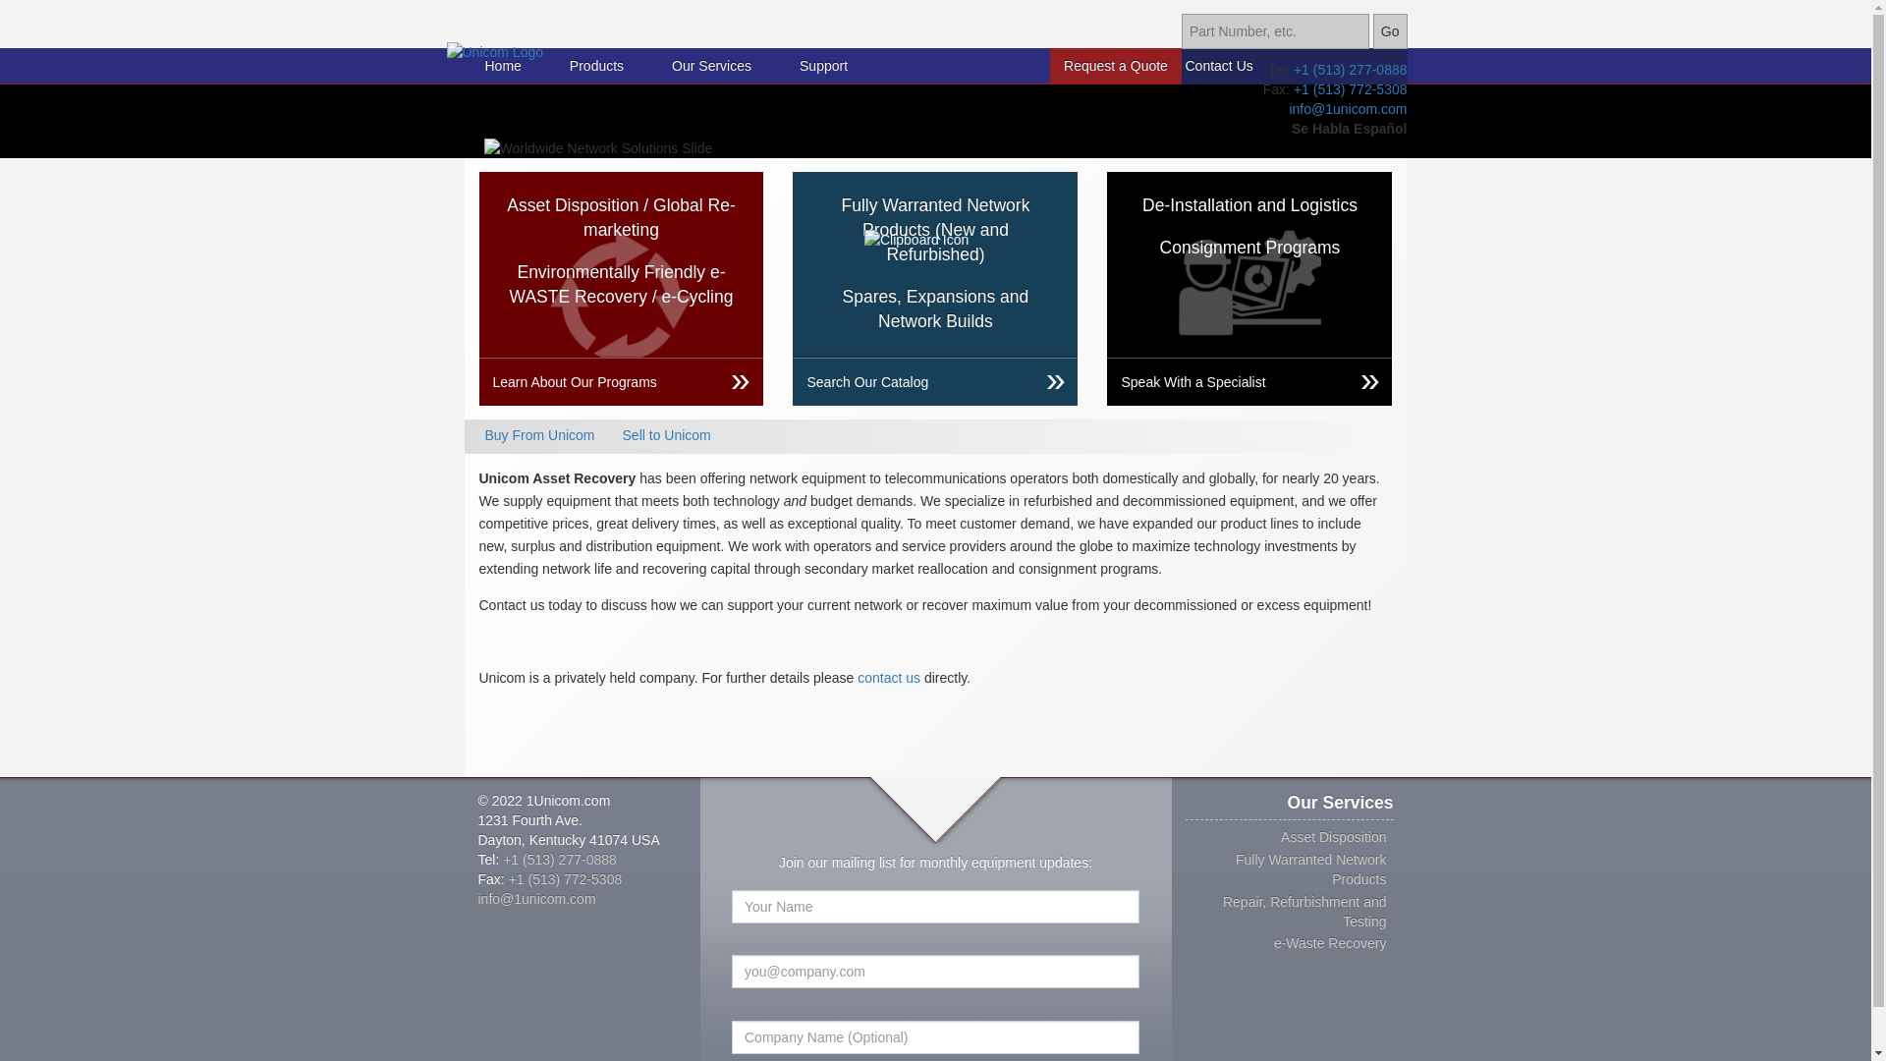 This screenshot has height=1061, width=1886. What do you see at coordinates (710, 64) in the screenshot?
I see `'Our Services'` at bounding box center [710, 64].